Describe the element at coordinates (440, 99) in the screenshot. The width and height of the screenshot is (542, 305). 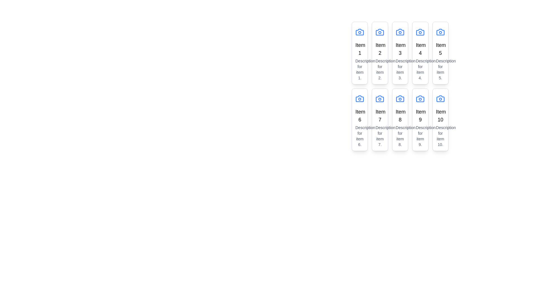
I see `the decorative vector graphic icon representing photography or camera-related content located in the second row and fifth column of the grid layout` at that location.